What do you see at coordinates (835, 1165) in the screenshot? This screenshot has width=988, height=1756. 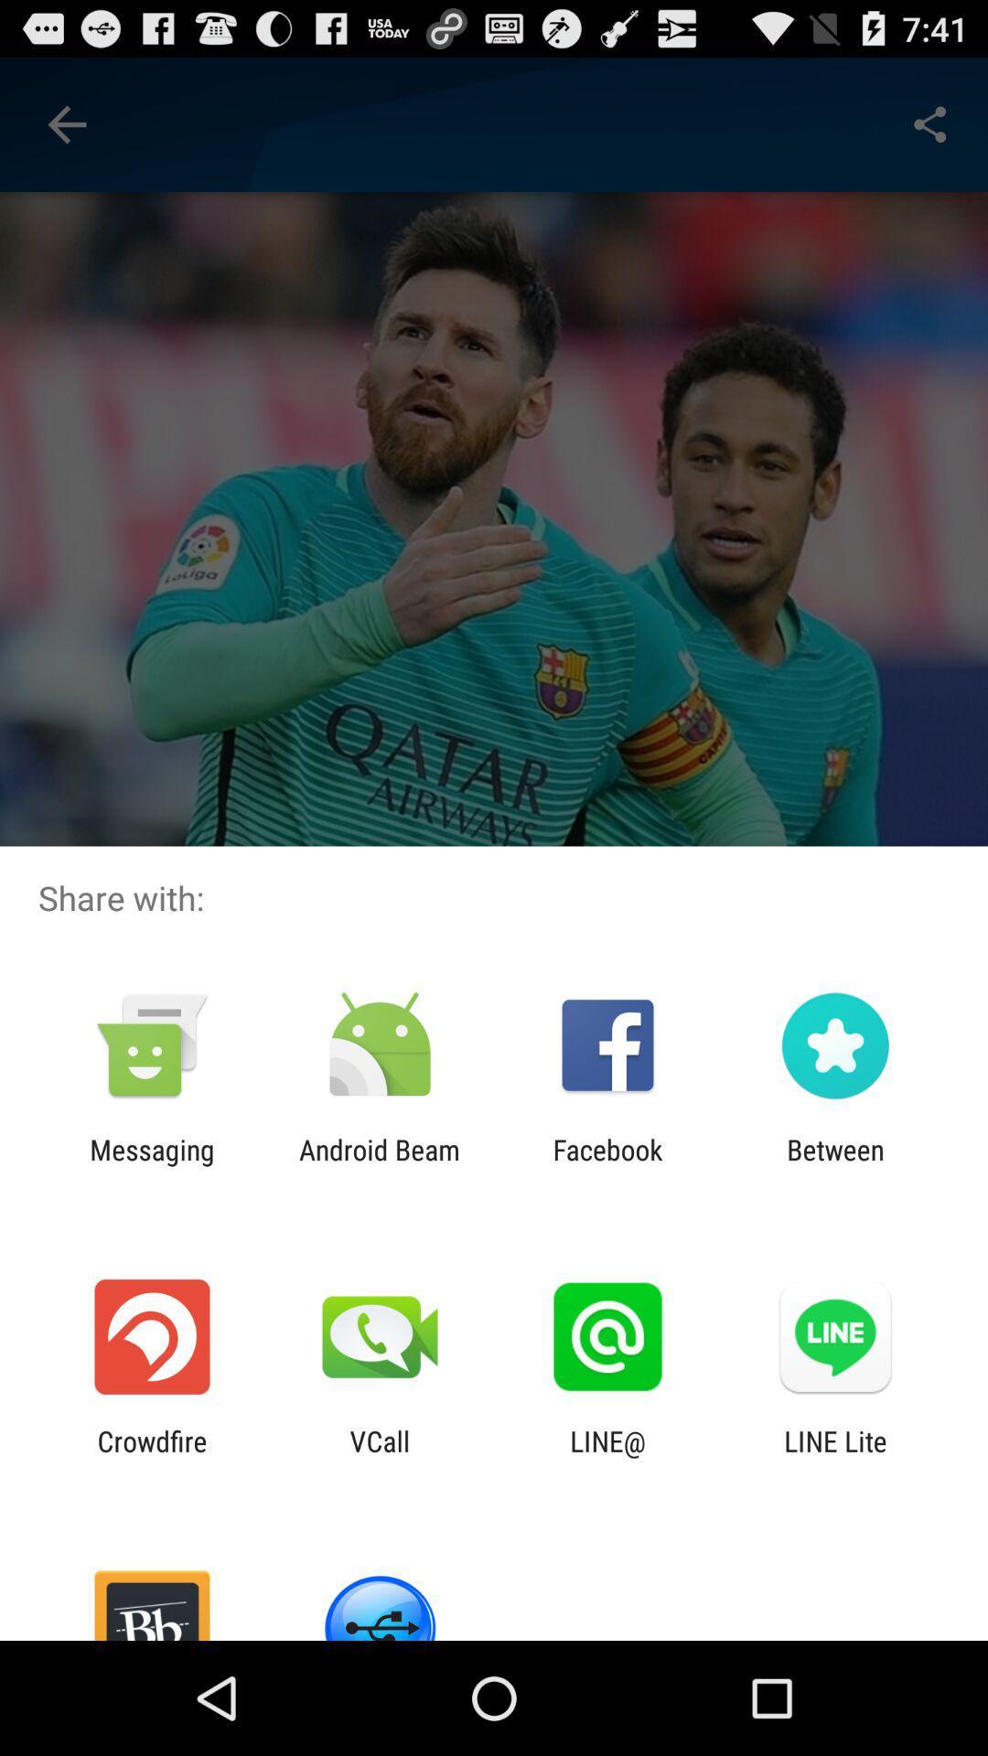 I see `between item` at bounding box center [835, 1165].